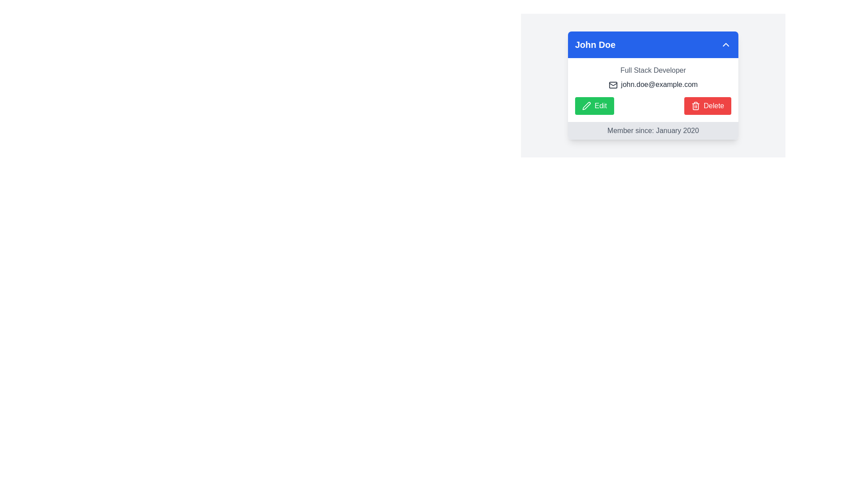 Image resolution: width=852 pixels, height=479 pixels. I want to click on the uppermost background component of the envelope icon located next to the email link in the user profile card, so click(612, 85).